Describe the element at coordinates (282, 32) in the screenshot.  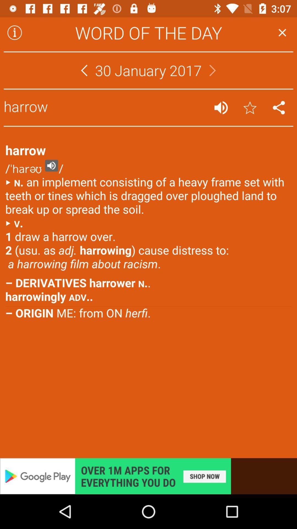
I see `go back` at that location.